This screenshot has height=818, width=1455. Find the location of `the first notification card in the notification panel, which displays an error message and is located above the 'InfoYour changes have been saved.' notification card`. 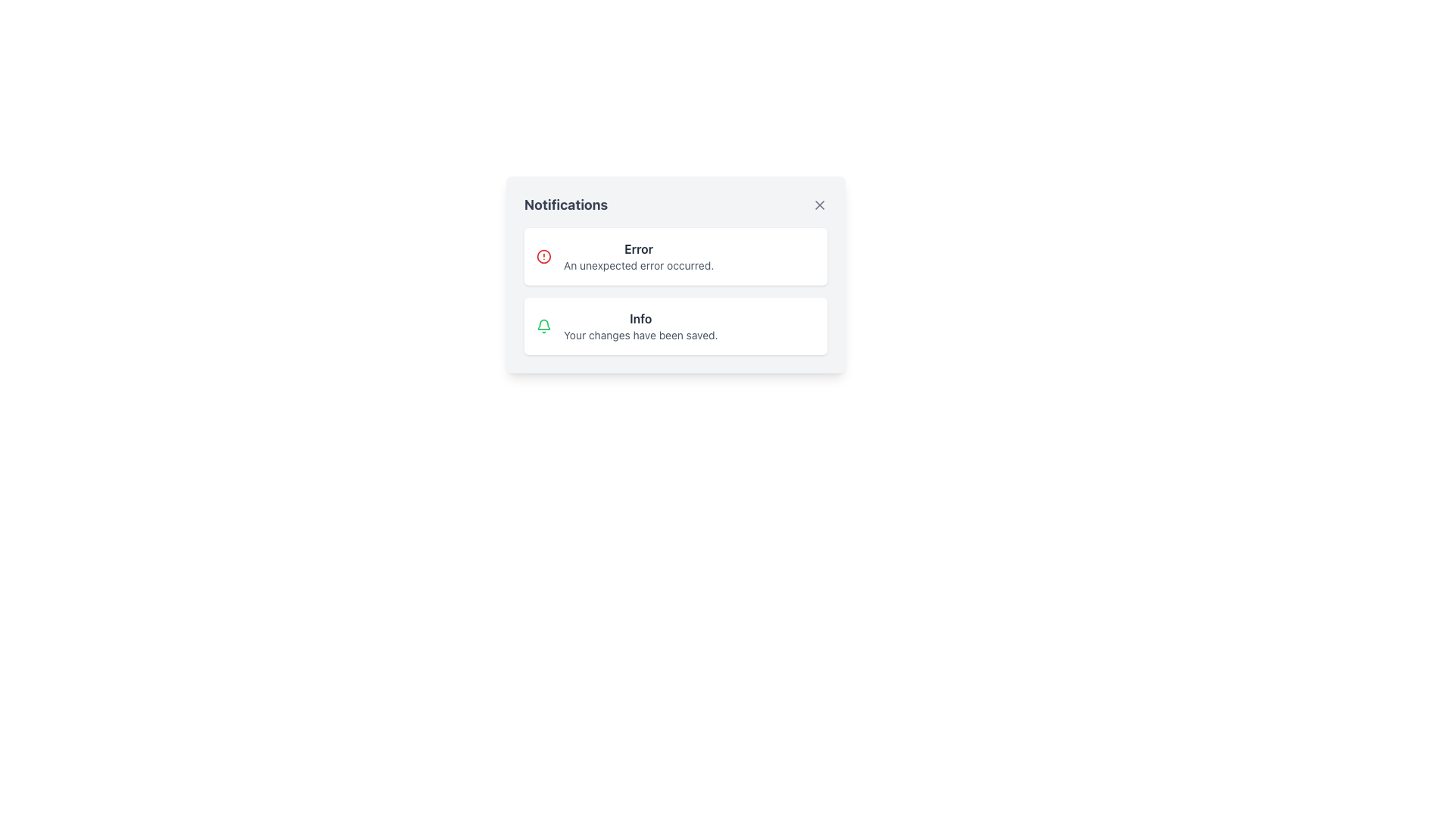

the first notification card in the notification panel, which displays an error message and is located above the 'InfoYour changes have been saved.' notification card is located at coordinates (675, 256).